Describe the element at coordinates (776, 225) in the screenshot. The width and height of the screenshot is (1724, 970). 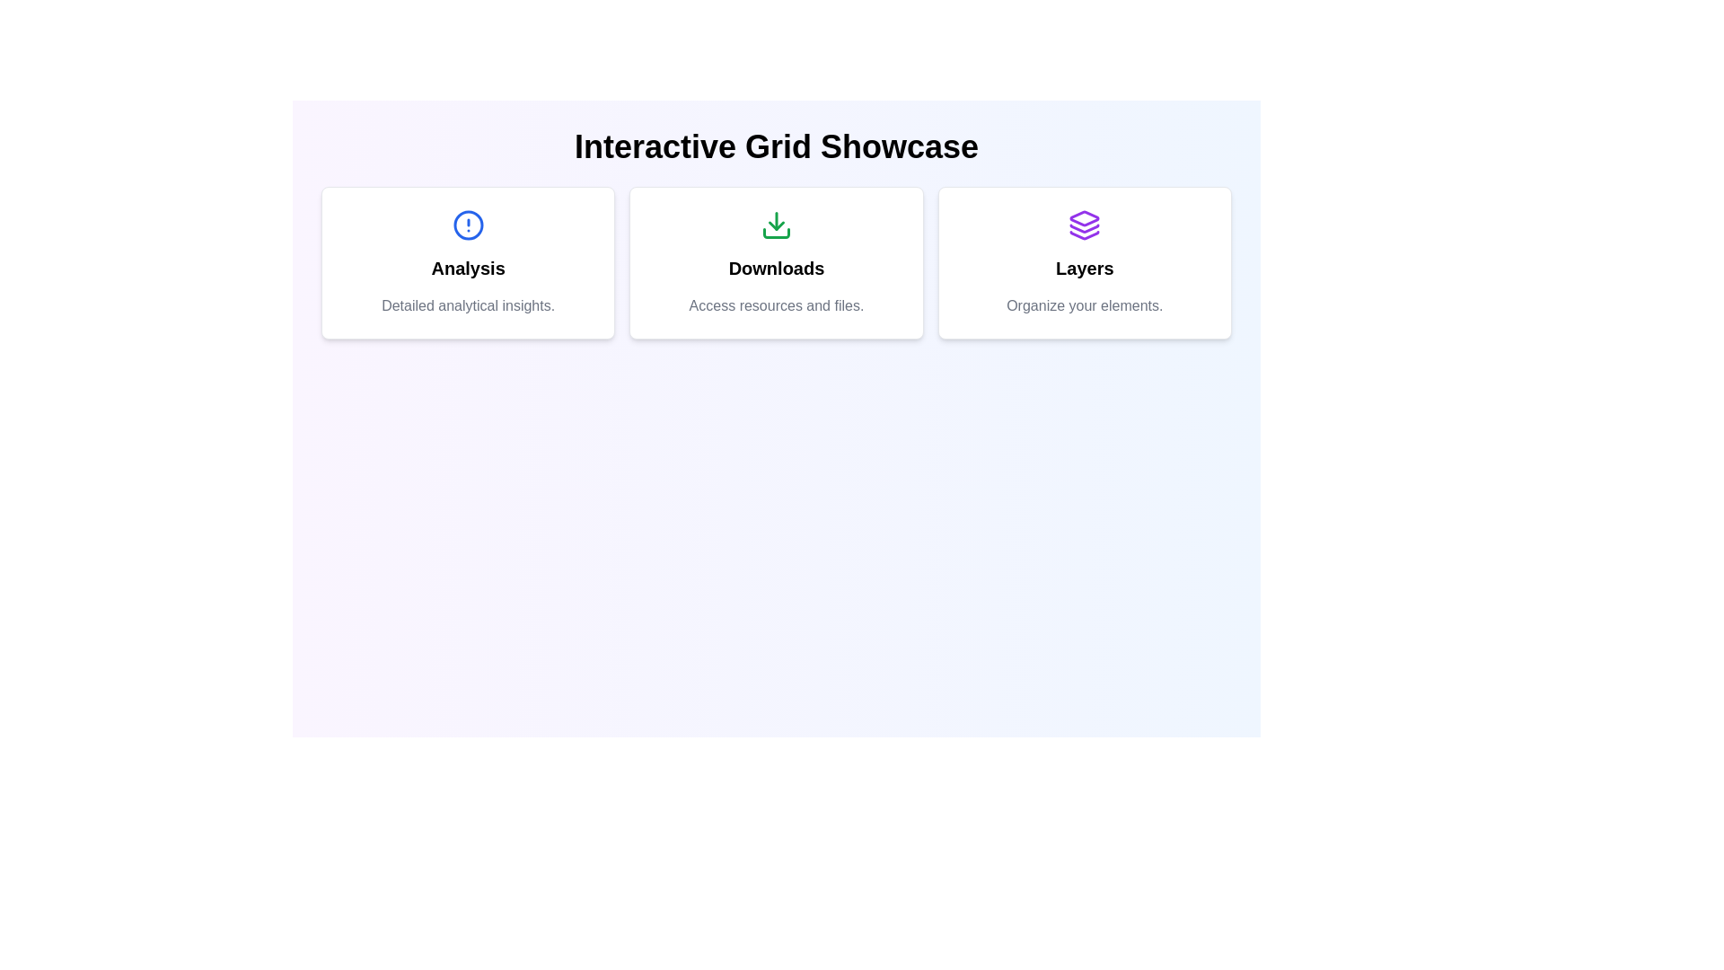
I see `the decorative graphical component of the 'Downloads' icon` at that location.